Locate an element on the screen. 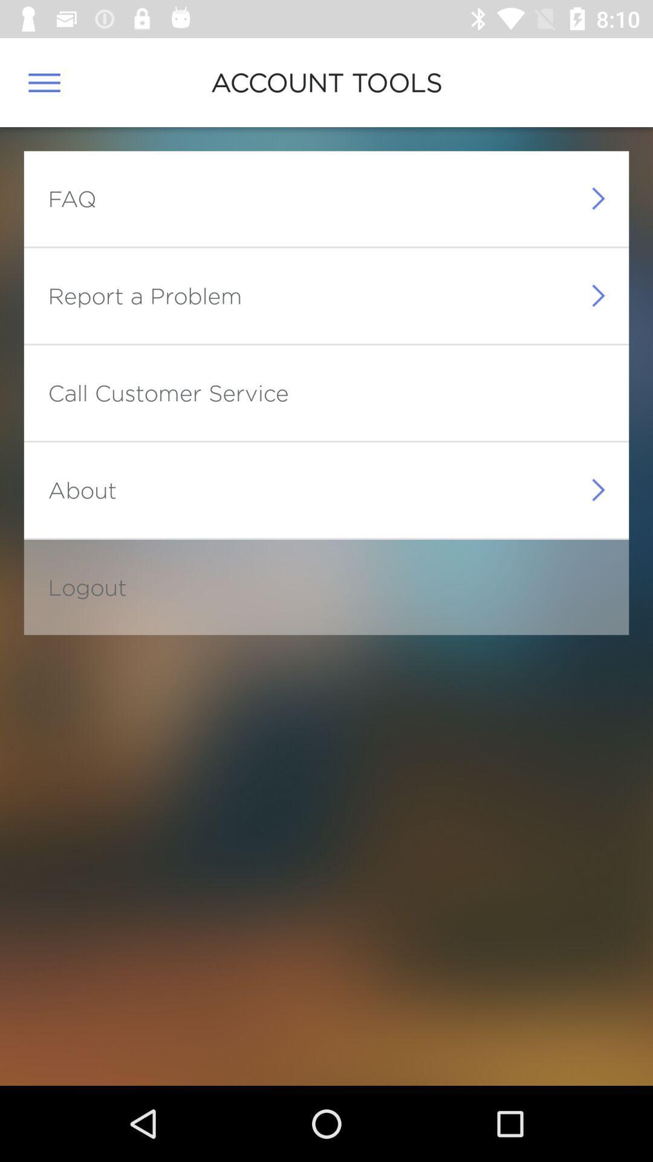  report a problem icon is located at coordinates (144, 295).